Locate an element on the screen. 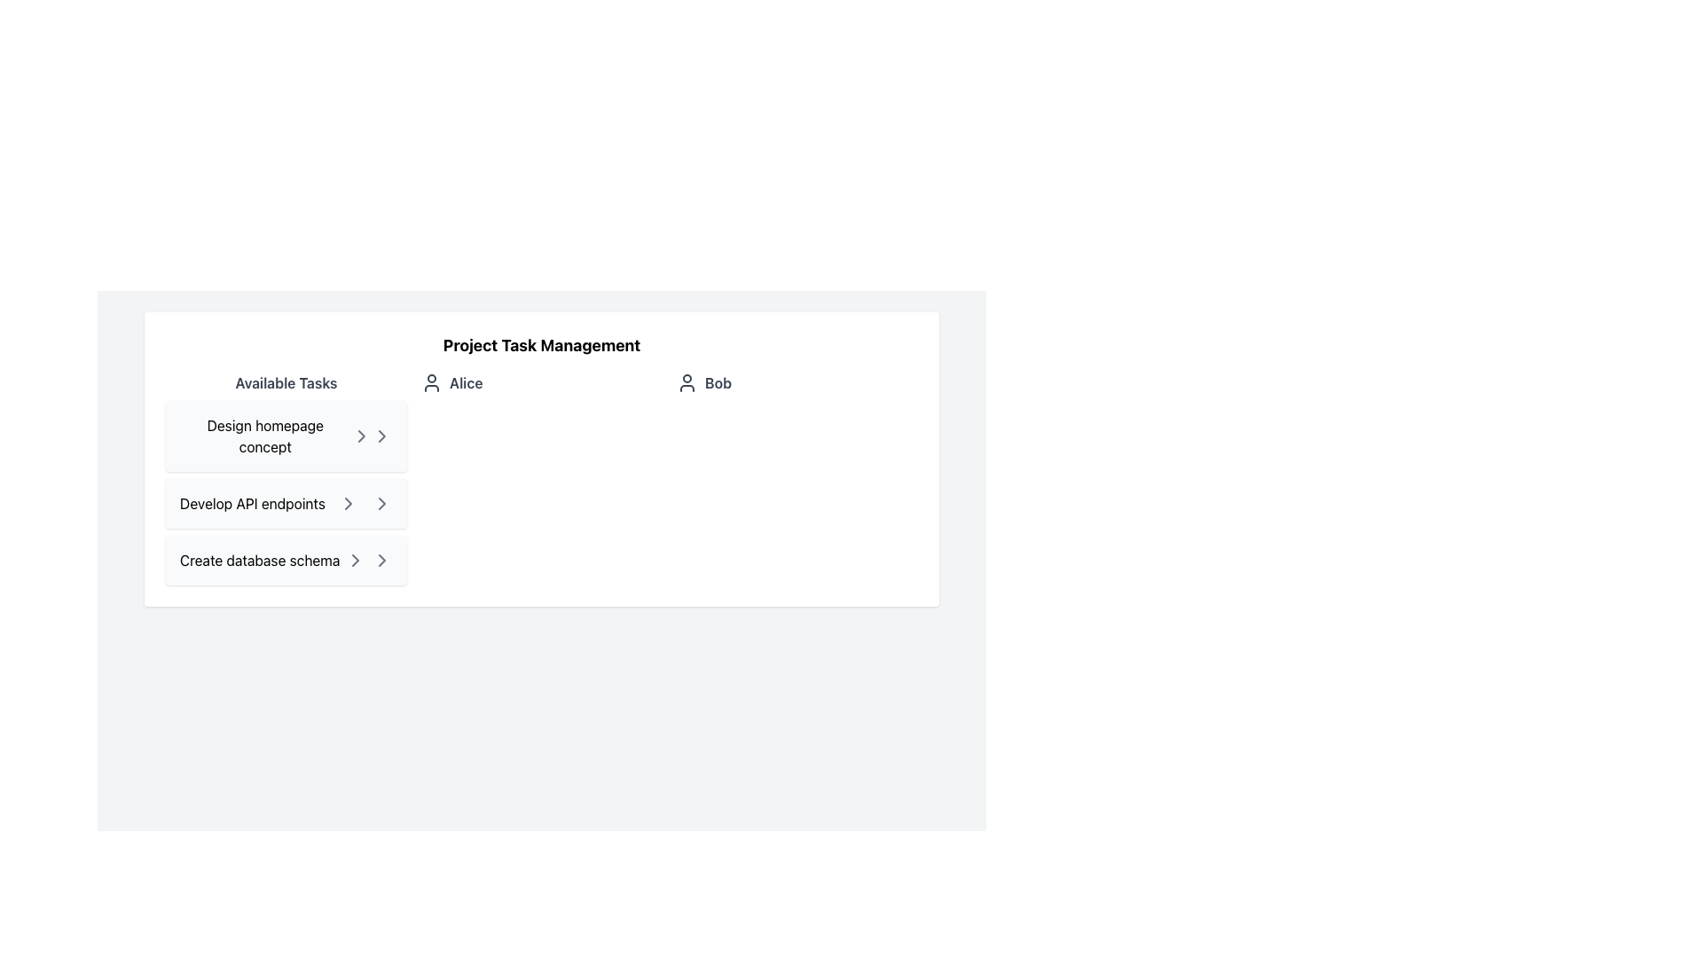  the right-facing chevron icon located to the right of the 'Develop API endpoints' text in the task list of the 'Available Tasks' section is located at coordinates (381, 503).